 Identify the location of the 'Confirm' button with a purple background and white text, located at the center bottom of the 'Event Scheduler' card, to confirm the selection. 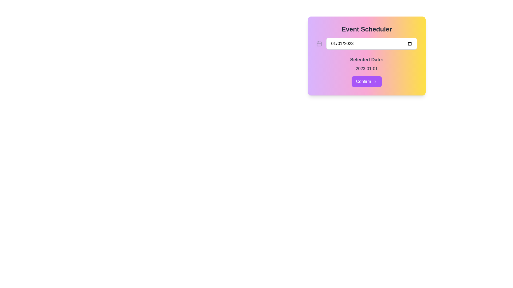
(366, 81).